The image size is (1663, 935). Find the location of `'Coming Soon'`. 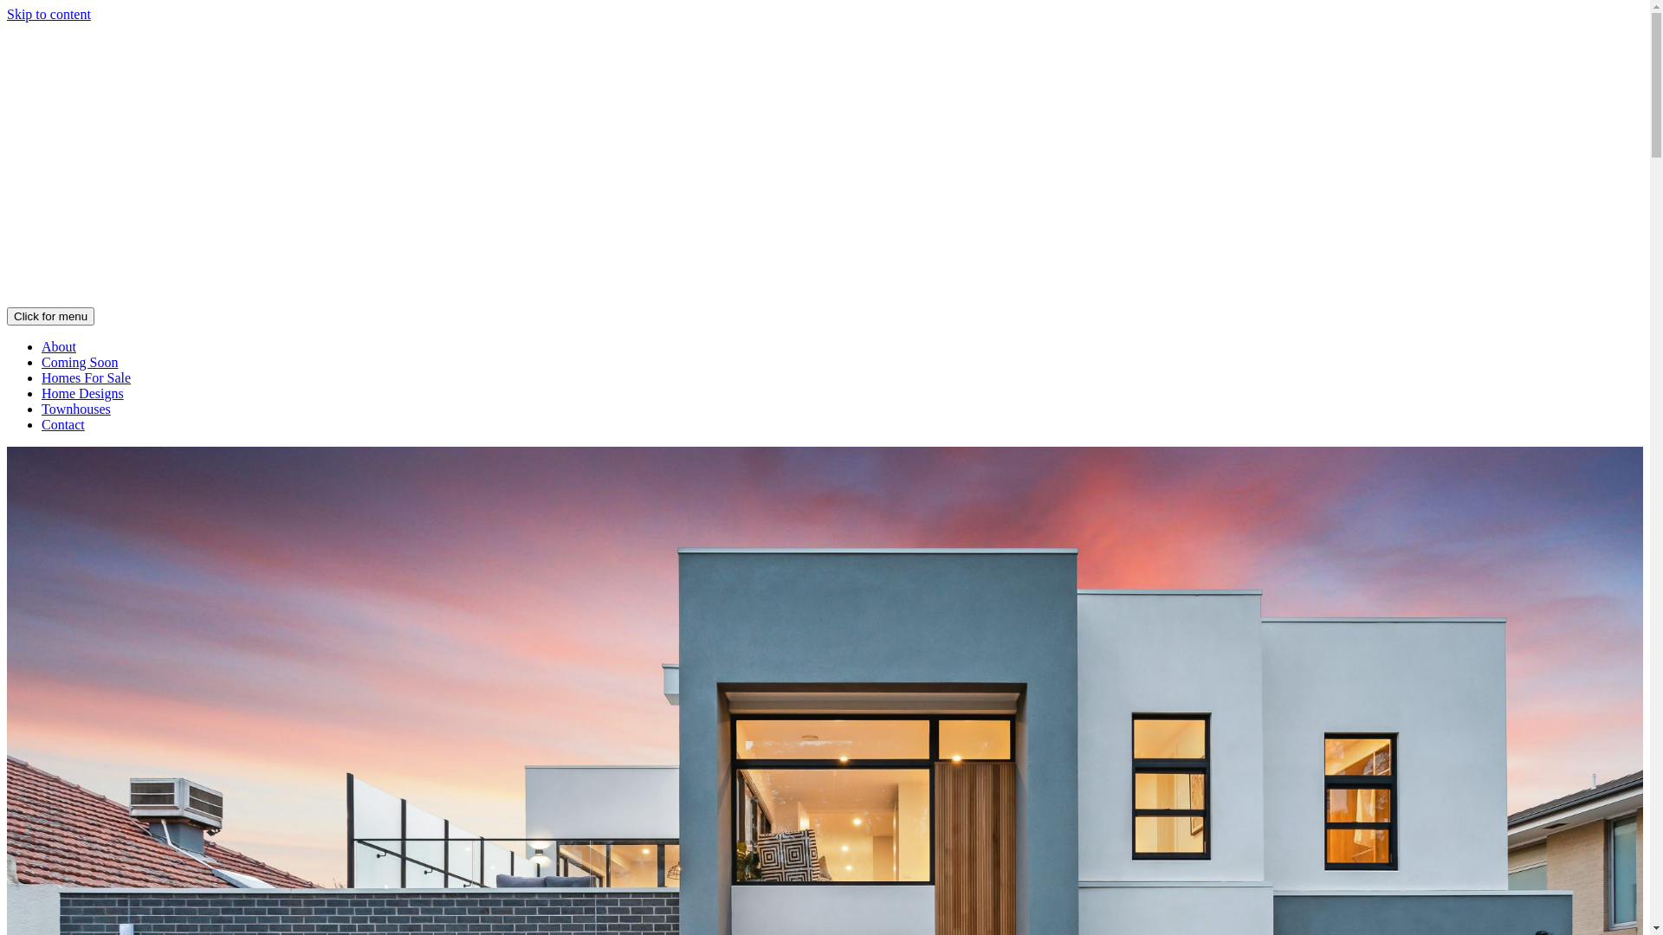

'Coming Soon' is located at coordinates (78, 361).